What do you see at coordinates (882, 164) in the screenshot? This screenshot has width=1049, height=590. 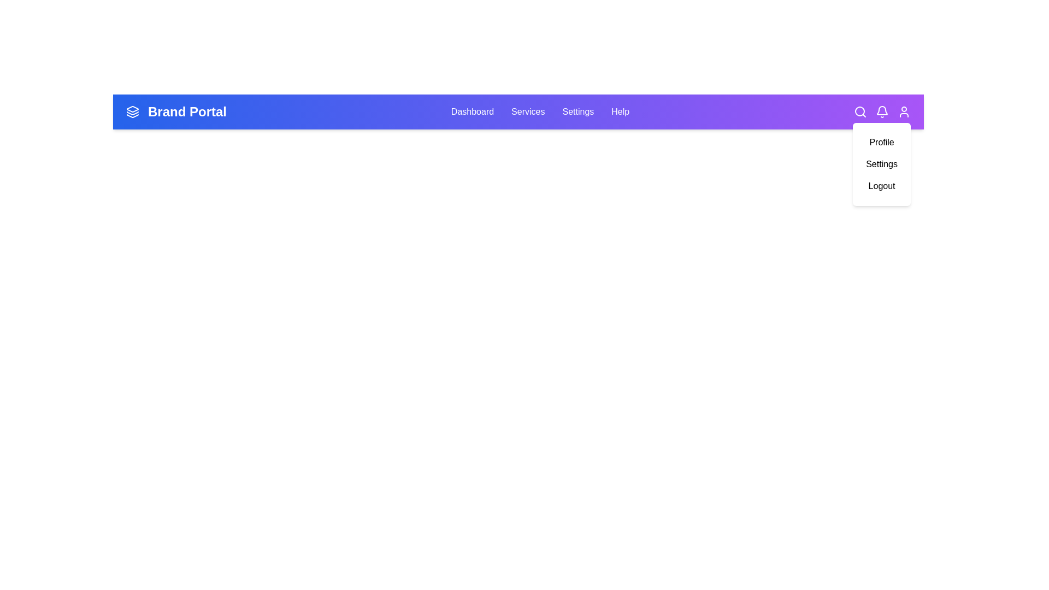 I see `the 'Settings' menu option located in the dropdown menu, which is the second item below 'Profile' and above 'Logout'` at bounding box center [882, 164].